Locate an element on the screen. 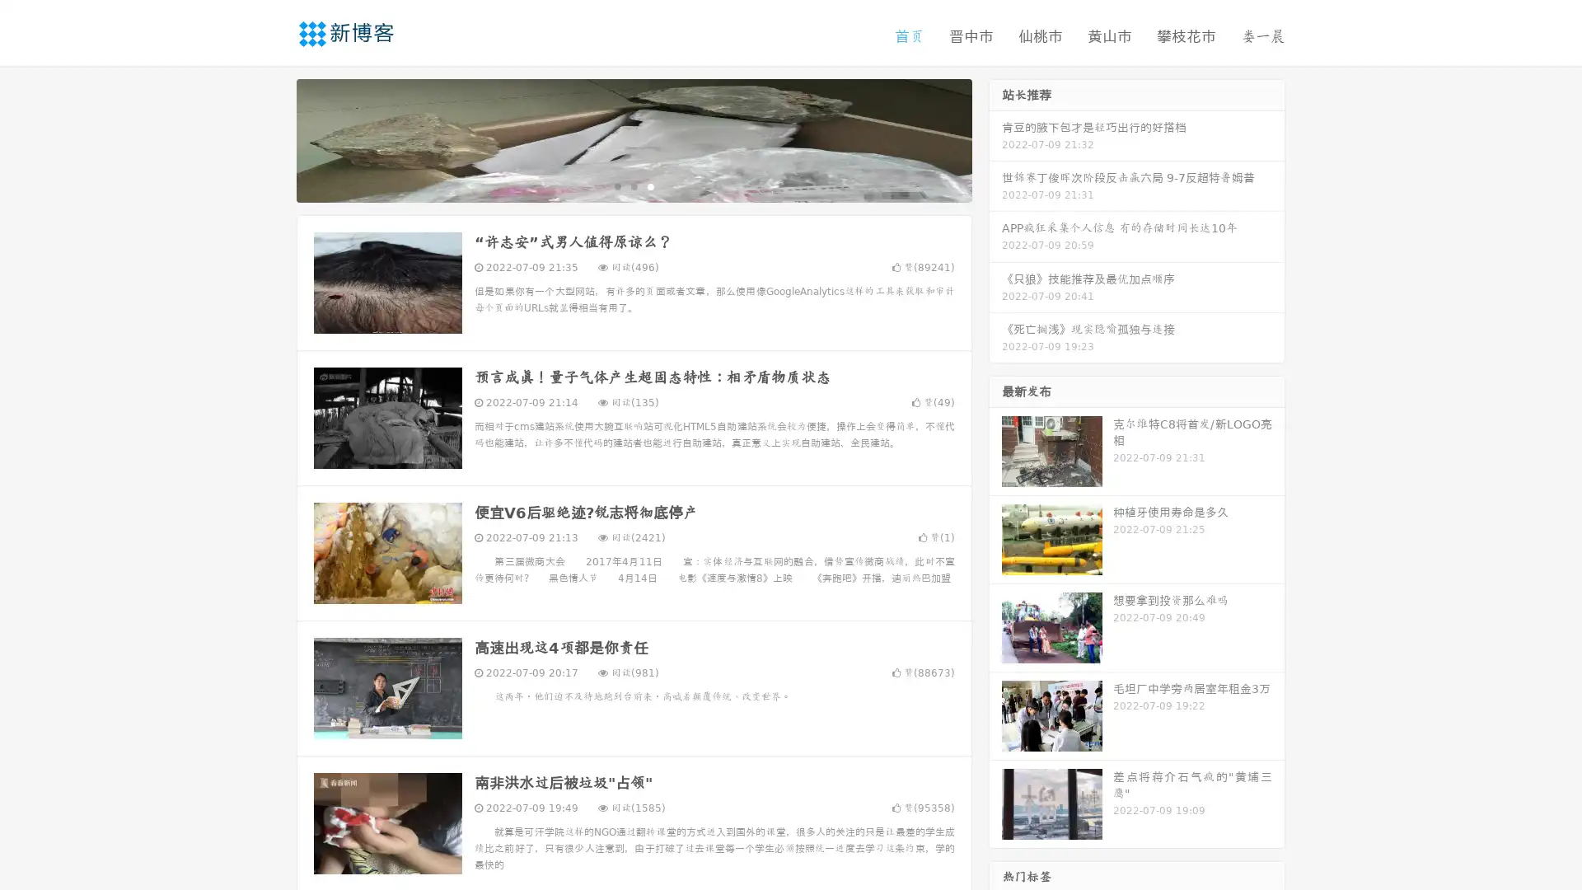 Image resolution: width=1582 pixels, height=890 pixels. Previous slide is located at coordinates (272, 138).